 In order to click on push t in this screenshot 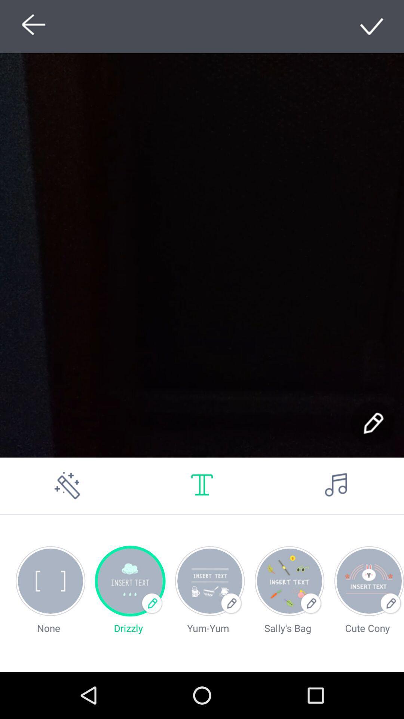, I will do `click(202, 485)`.